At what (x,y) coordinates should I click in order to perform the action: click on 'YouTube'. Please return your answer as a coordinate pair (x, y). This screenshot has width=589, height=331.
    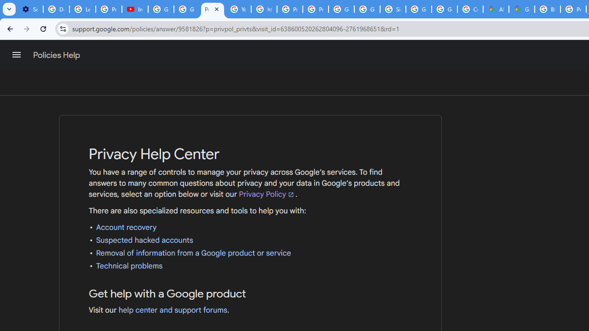
    Looking at the image, I should click on (238, 9).